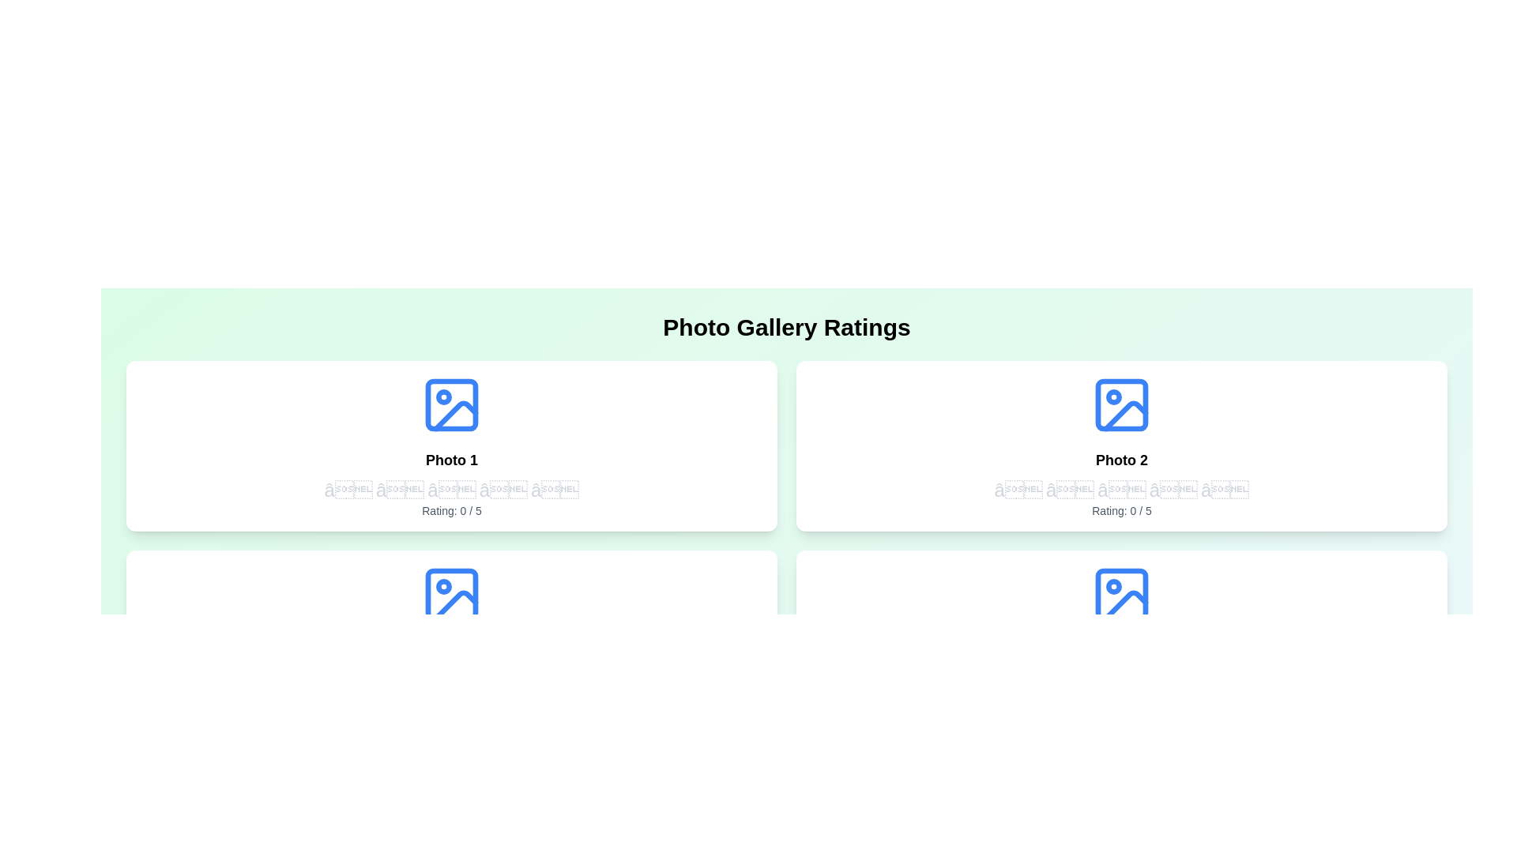 The width and height of the screenshot is (1517, 853). I want to click on the rating of the first photo to 4 stars, so click(503, 490).